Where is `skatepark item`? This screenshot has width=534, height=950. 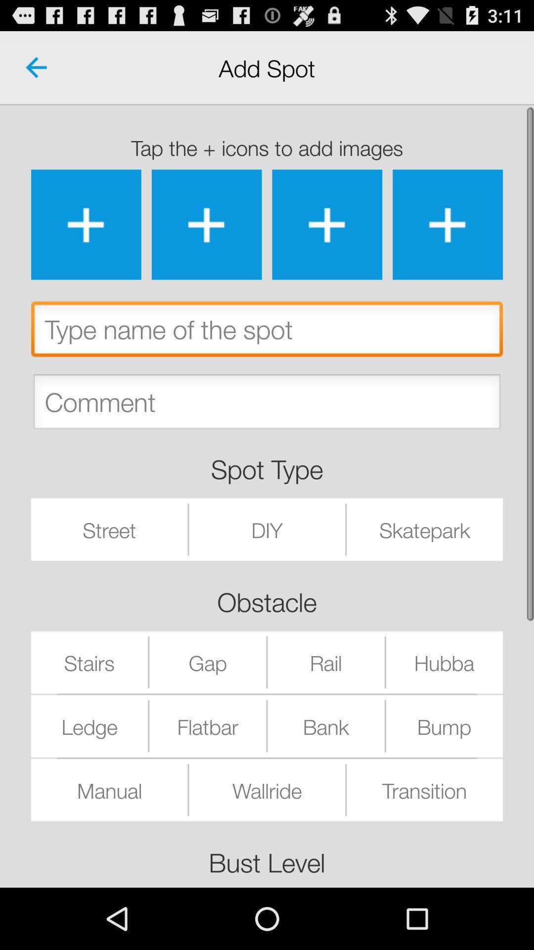 skatepark item is located at coordinates (424, 529).